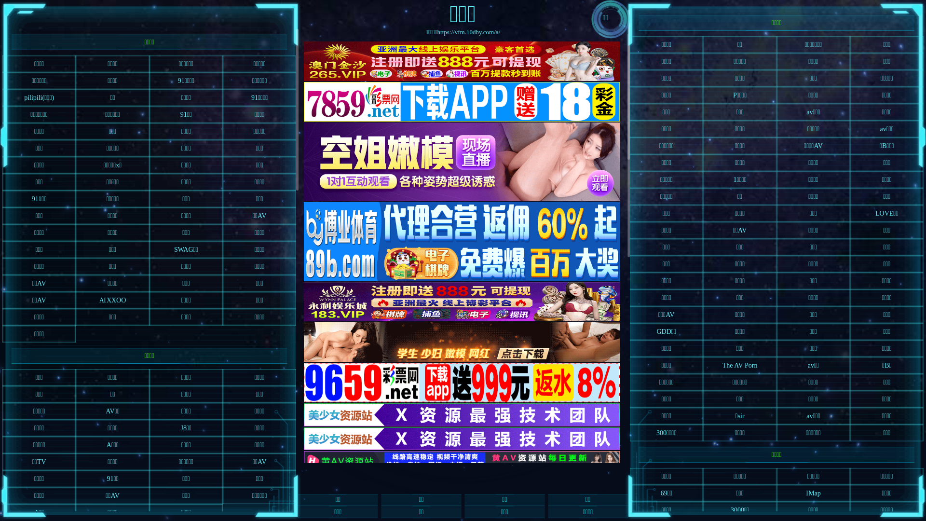 The width and height of the screenshot is (926, 521). What do you see at coordinates (703, 365) in the screenshot?
I see `'The AV Porn'` at bounding box center [703, 365].